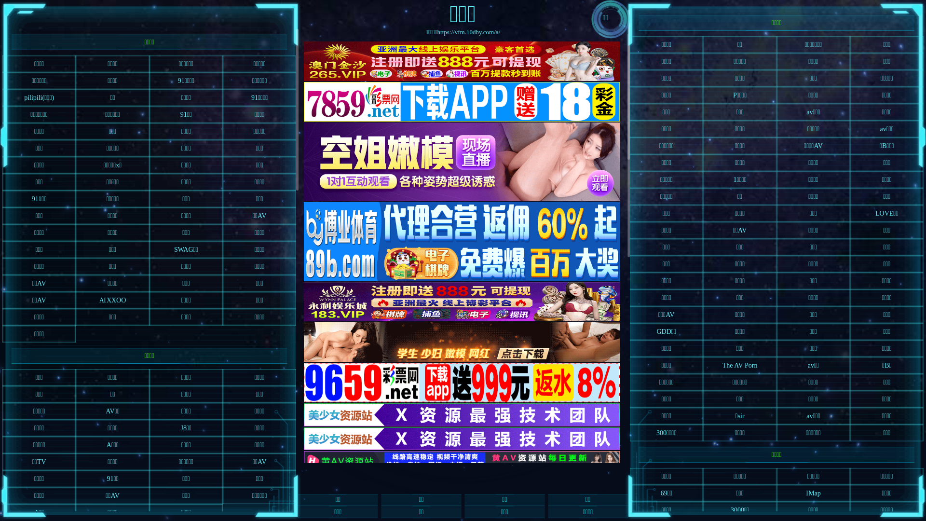 The width and height of the screenshot is (926, 521). What do you see at coordinates (703, 365) in the screenshot?
I see `'The AV Porn'` at bounding box center [703, 365].